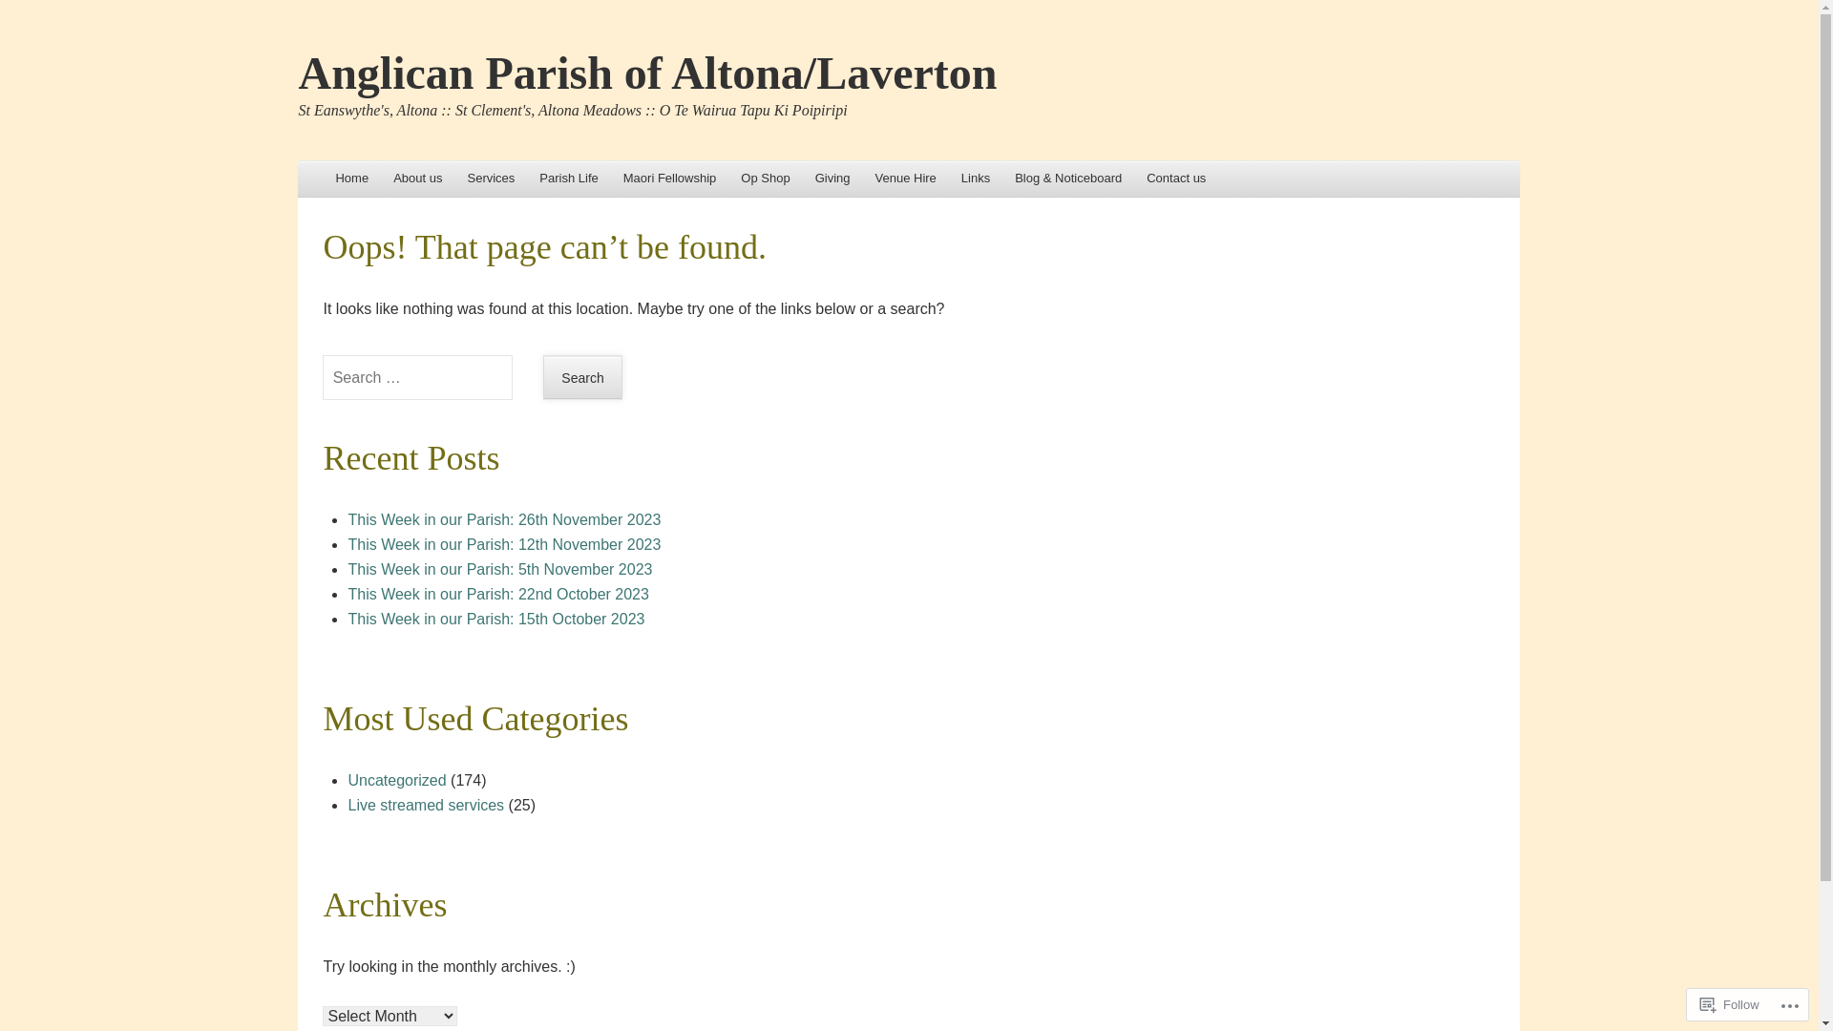  I want to click on 'Uncategorized', so click(395, 780).